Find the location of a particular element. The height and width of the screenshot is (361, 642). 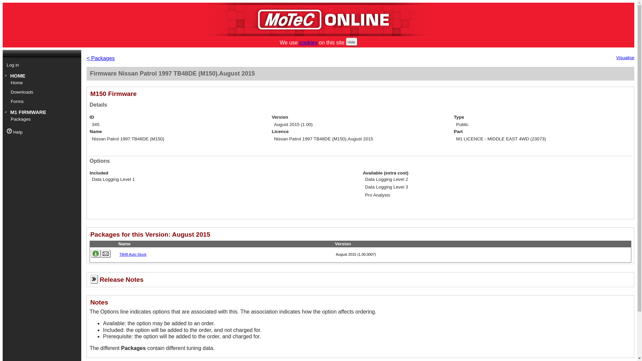

'Help' is located at coordinates (5, 132).